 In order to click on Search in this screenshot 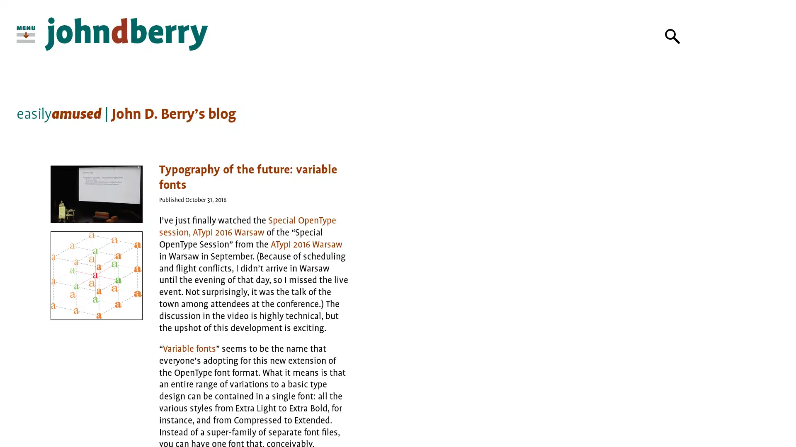, I will do `click(672, 36)`.